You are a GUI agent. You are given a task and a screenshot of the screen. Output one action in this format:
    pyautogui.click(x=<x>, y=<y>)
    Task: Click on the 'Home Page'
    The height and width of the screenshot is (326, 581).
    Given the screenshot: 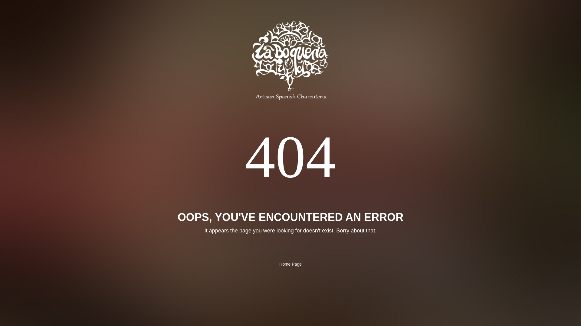 What is the action you would take?
    pyautogui.click(x=290, y=264)
    